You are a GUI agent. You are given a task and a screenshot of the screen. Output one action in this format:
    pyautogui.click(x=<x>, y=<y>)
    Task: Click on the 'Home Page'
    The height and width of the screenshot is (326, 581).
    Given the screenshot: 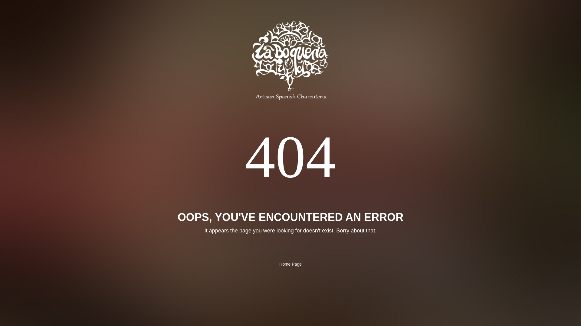 What is the action you would take?
    pyautogui.click(x=290, y=264)
    